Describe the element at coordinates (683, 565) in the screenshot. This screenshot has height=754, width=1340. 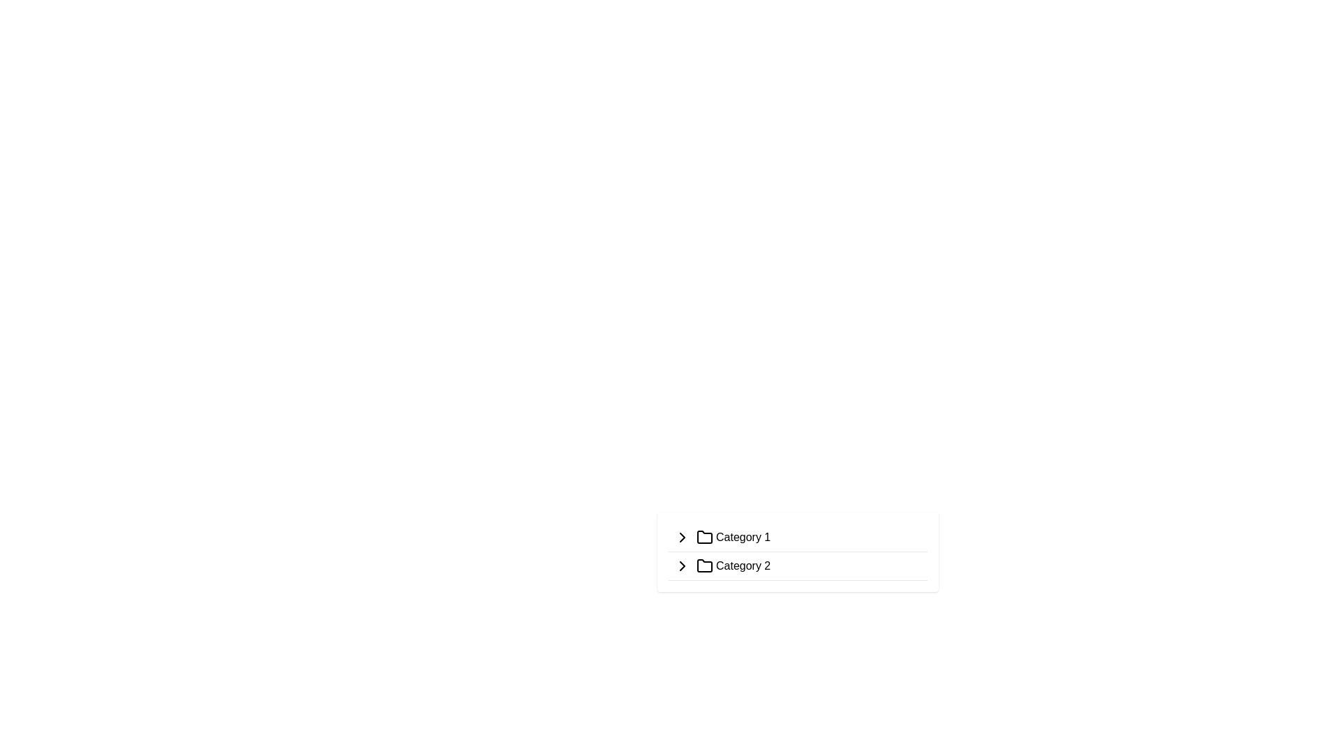
I see `the button` at that location.